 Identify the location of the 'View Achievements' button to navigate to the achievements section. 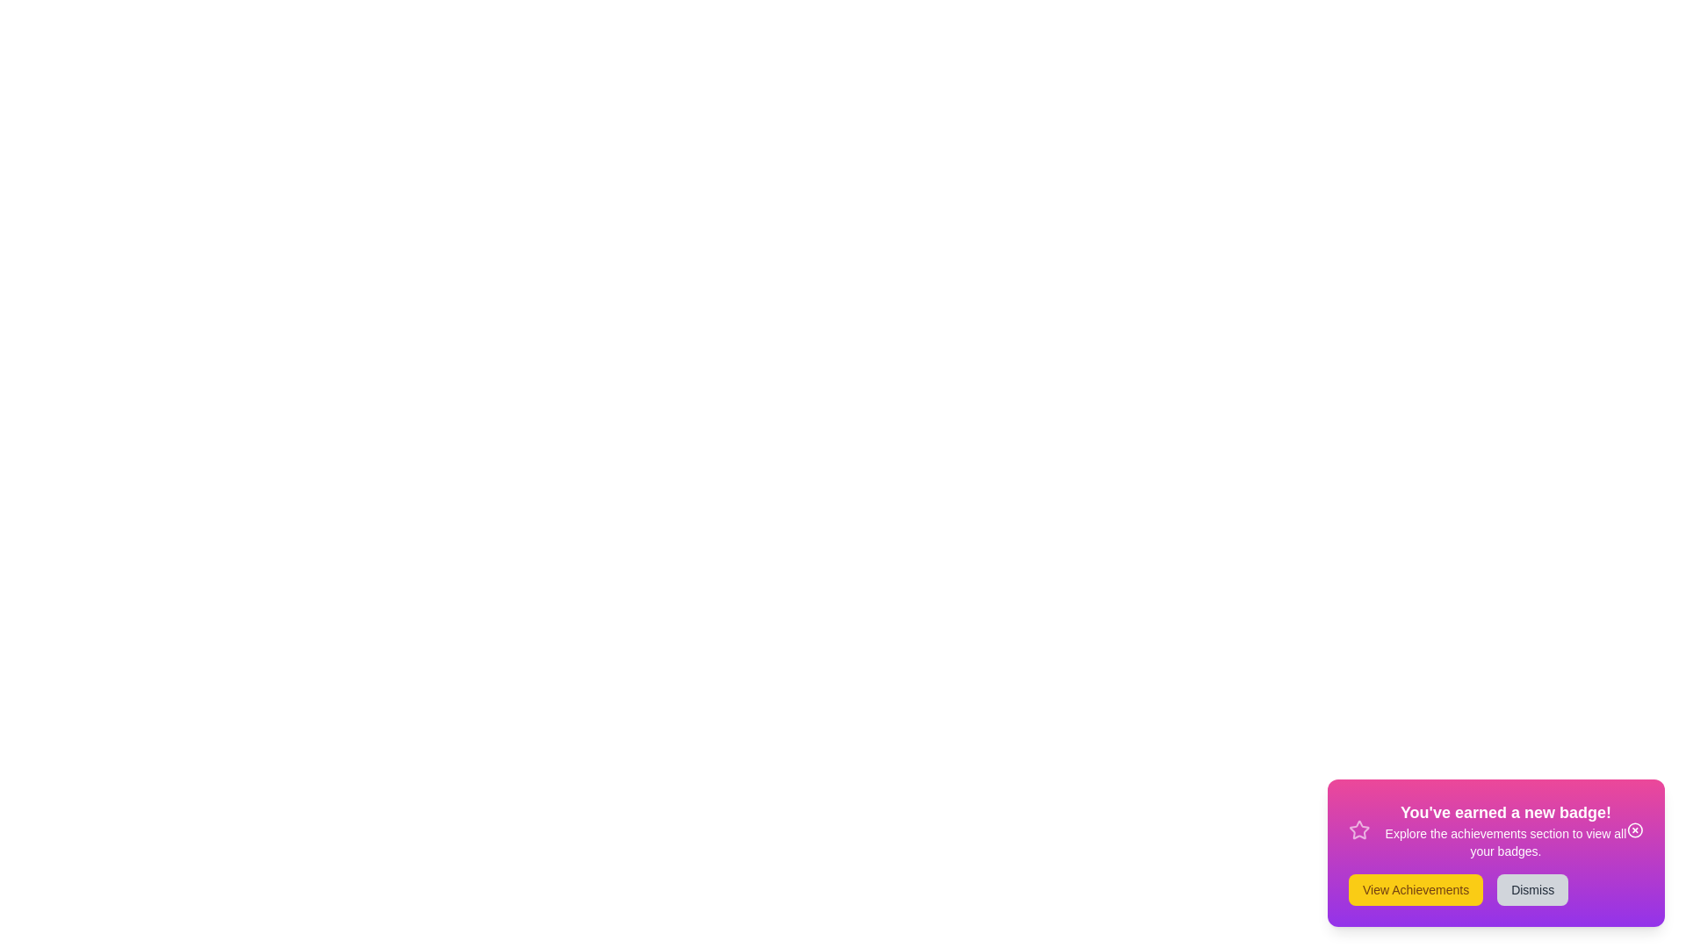
(1416, 890).